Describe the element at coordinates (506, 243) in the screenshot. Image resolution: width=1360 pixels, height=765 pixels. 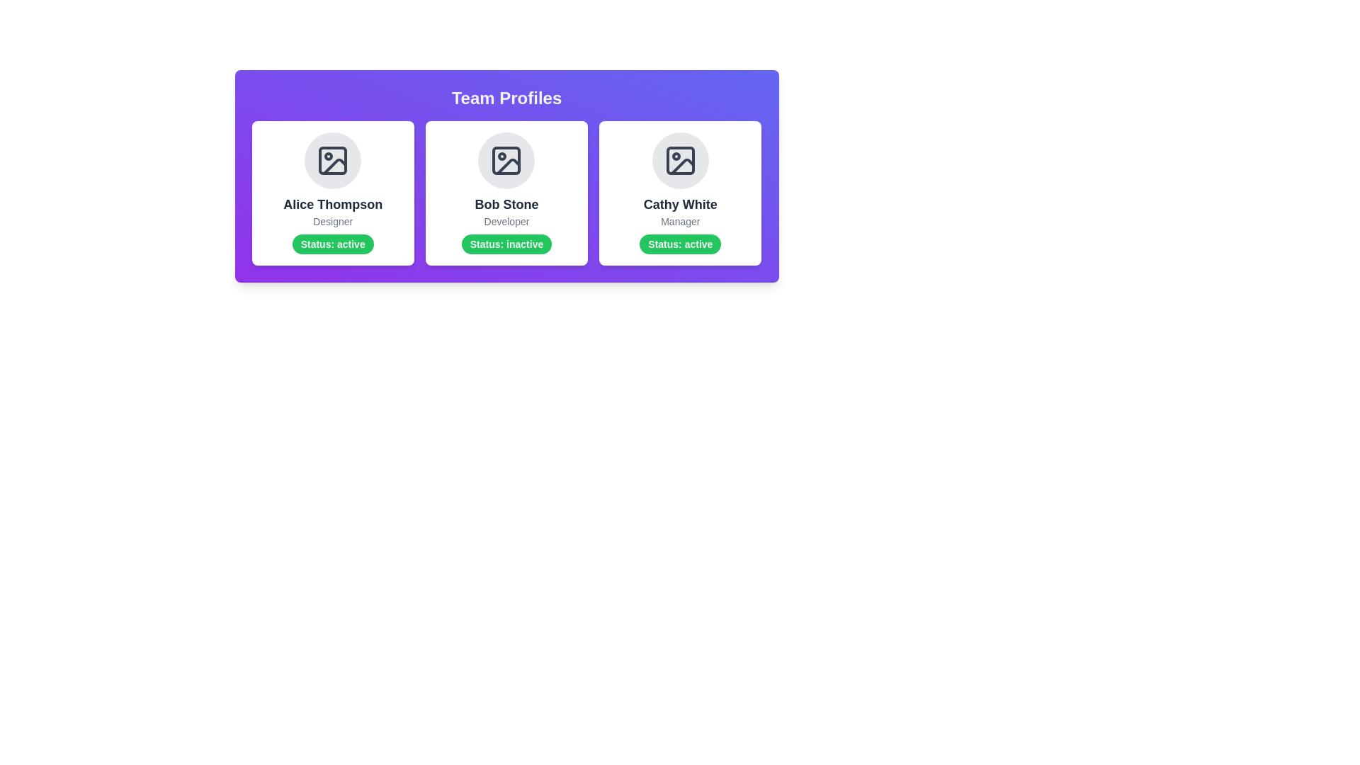
I see `the 'Status: inactive' button, which is a small rounded rectangular button with a green background located within the card for 'Bob Stone' in the team profiles section` at that location.